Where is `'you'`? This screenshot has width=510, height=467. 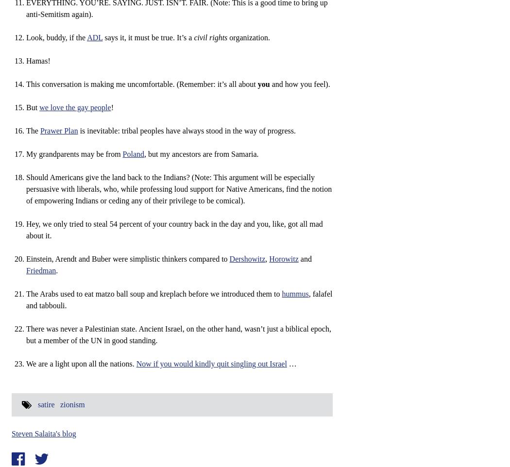 'you' is located at coordinates (263, 84).